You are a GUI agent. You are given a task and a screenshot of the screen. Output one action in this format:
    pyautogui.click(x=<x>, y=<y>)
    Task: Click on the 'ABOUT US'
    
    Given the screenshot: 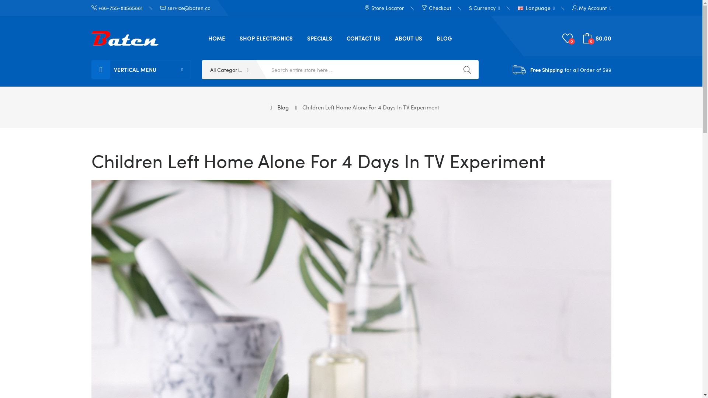 What is the action you would take?
    pyautogui.click(x=408, y=38)
    